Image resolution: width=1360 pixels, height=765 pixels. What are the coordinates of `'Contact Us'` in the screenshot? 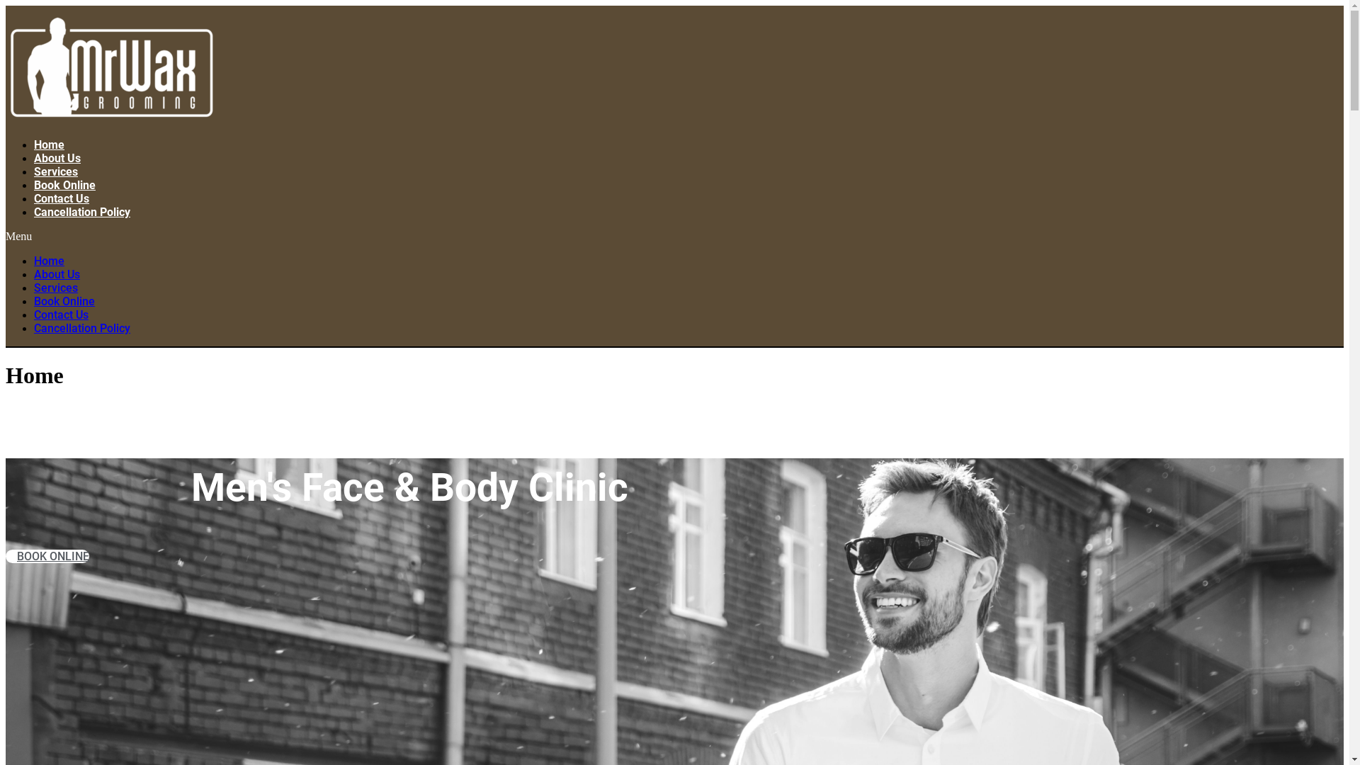 It's located at (34, 198).